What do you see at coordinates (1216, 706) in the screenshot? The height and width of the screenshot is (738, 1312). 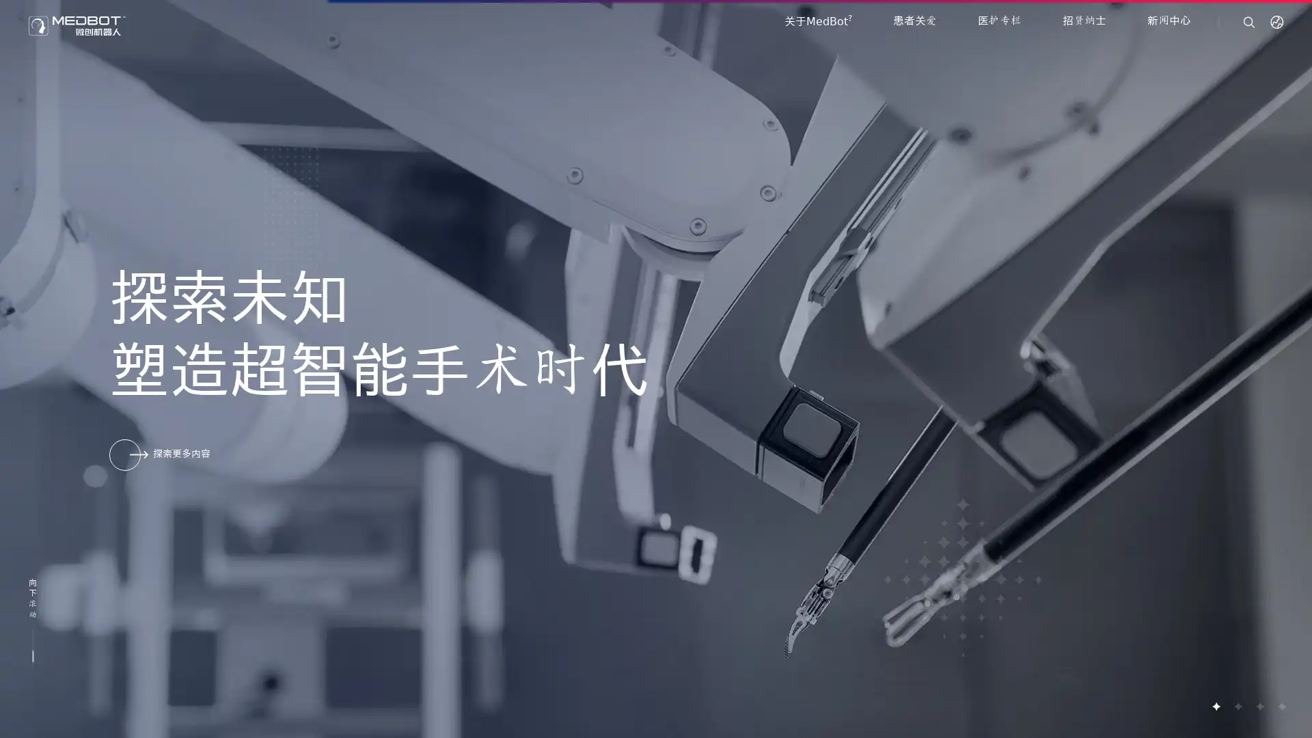 I see `Go to slide 1` at bounding box center [1216, 706].